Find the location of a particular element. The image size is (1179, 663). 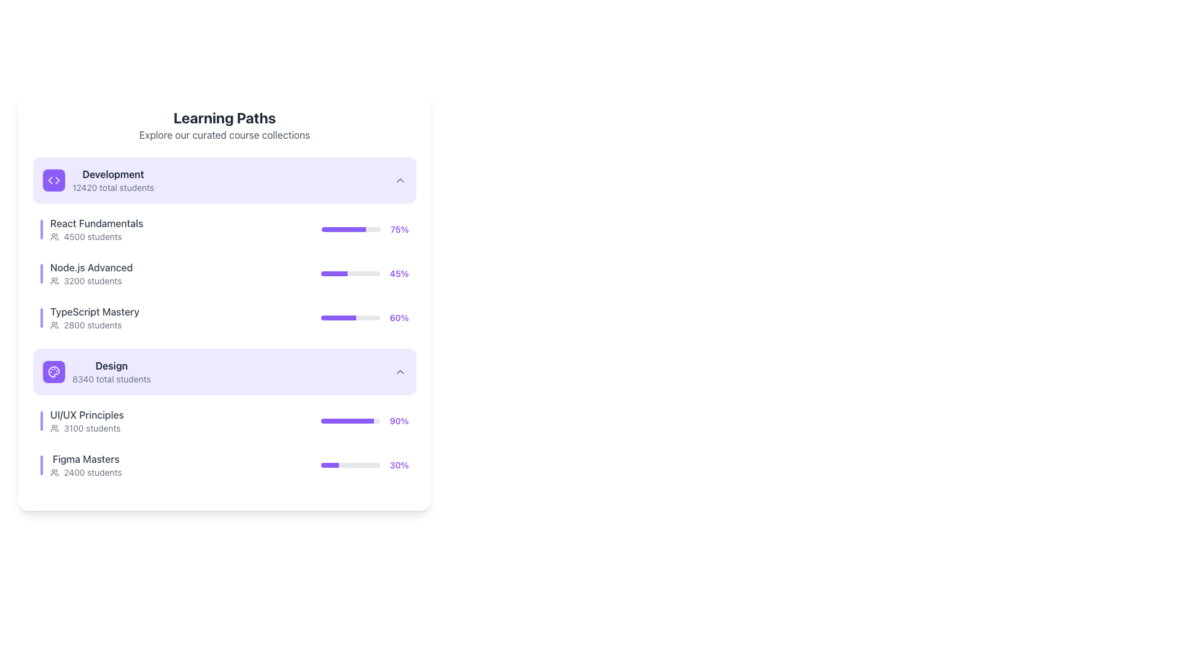

the progress bar representing a completion percentage of 75% within the 'React Fundamentals' section is located at coordinates (365, 230).